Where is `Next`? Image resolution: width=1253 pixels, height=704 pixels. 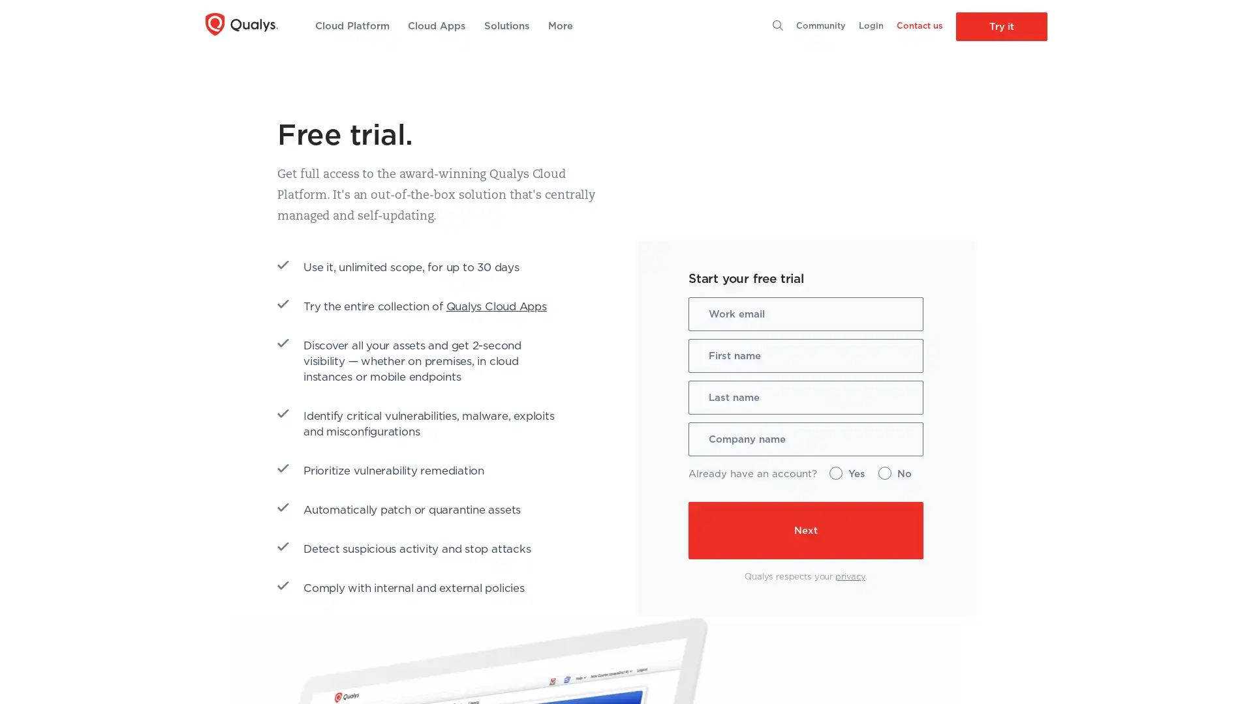 Next is located at coordinates (704, 530).